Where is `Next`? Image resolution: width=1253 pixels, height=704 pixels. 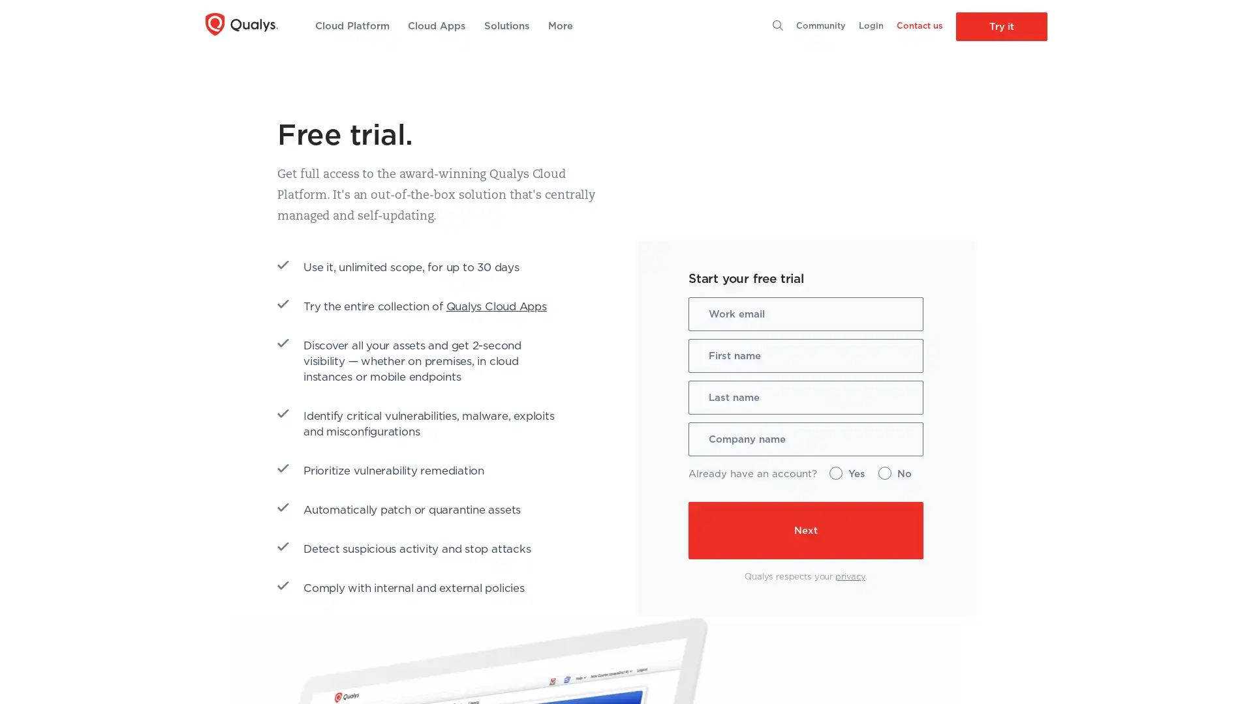 Next is located at coordinates (704, 530).